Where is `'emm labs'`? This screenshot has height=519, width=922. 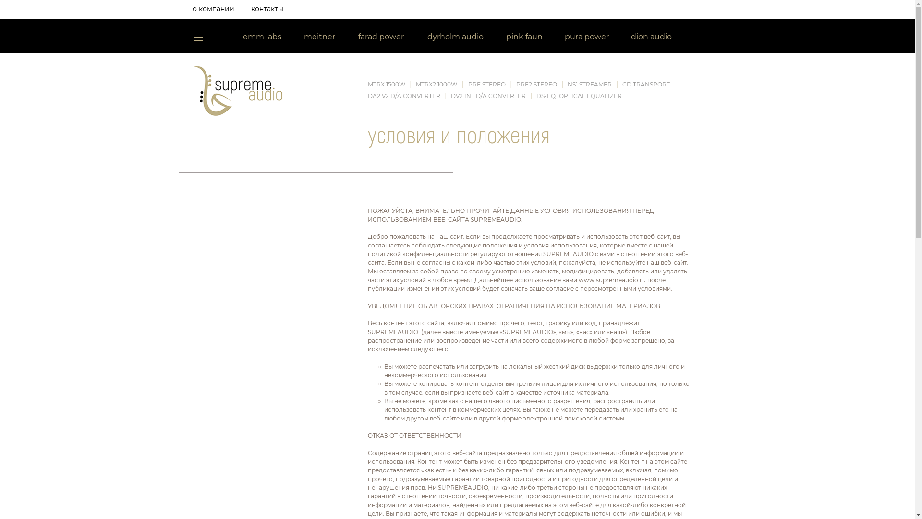 'emm labs' is located at coordinates (262, 37).